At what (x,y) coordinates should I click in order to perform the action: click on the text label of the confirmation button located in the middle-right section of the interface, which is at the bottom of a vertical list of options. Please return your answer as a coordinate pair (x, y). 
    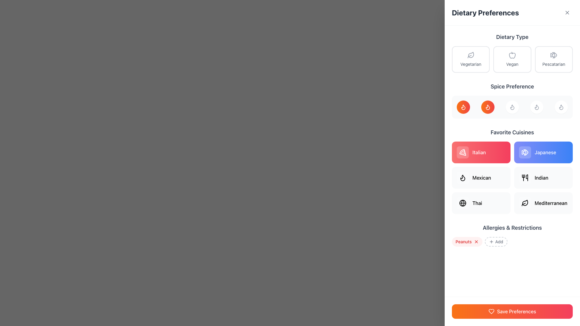
    Looking at the image, I should click on (516, 312).